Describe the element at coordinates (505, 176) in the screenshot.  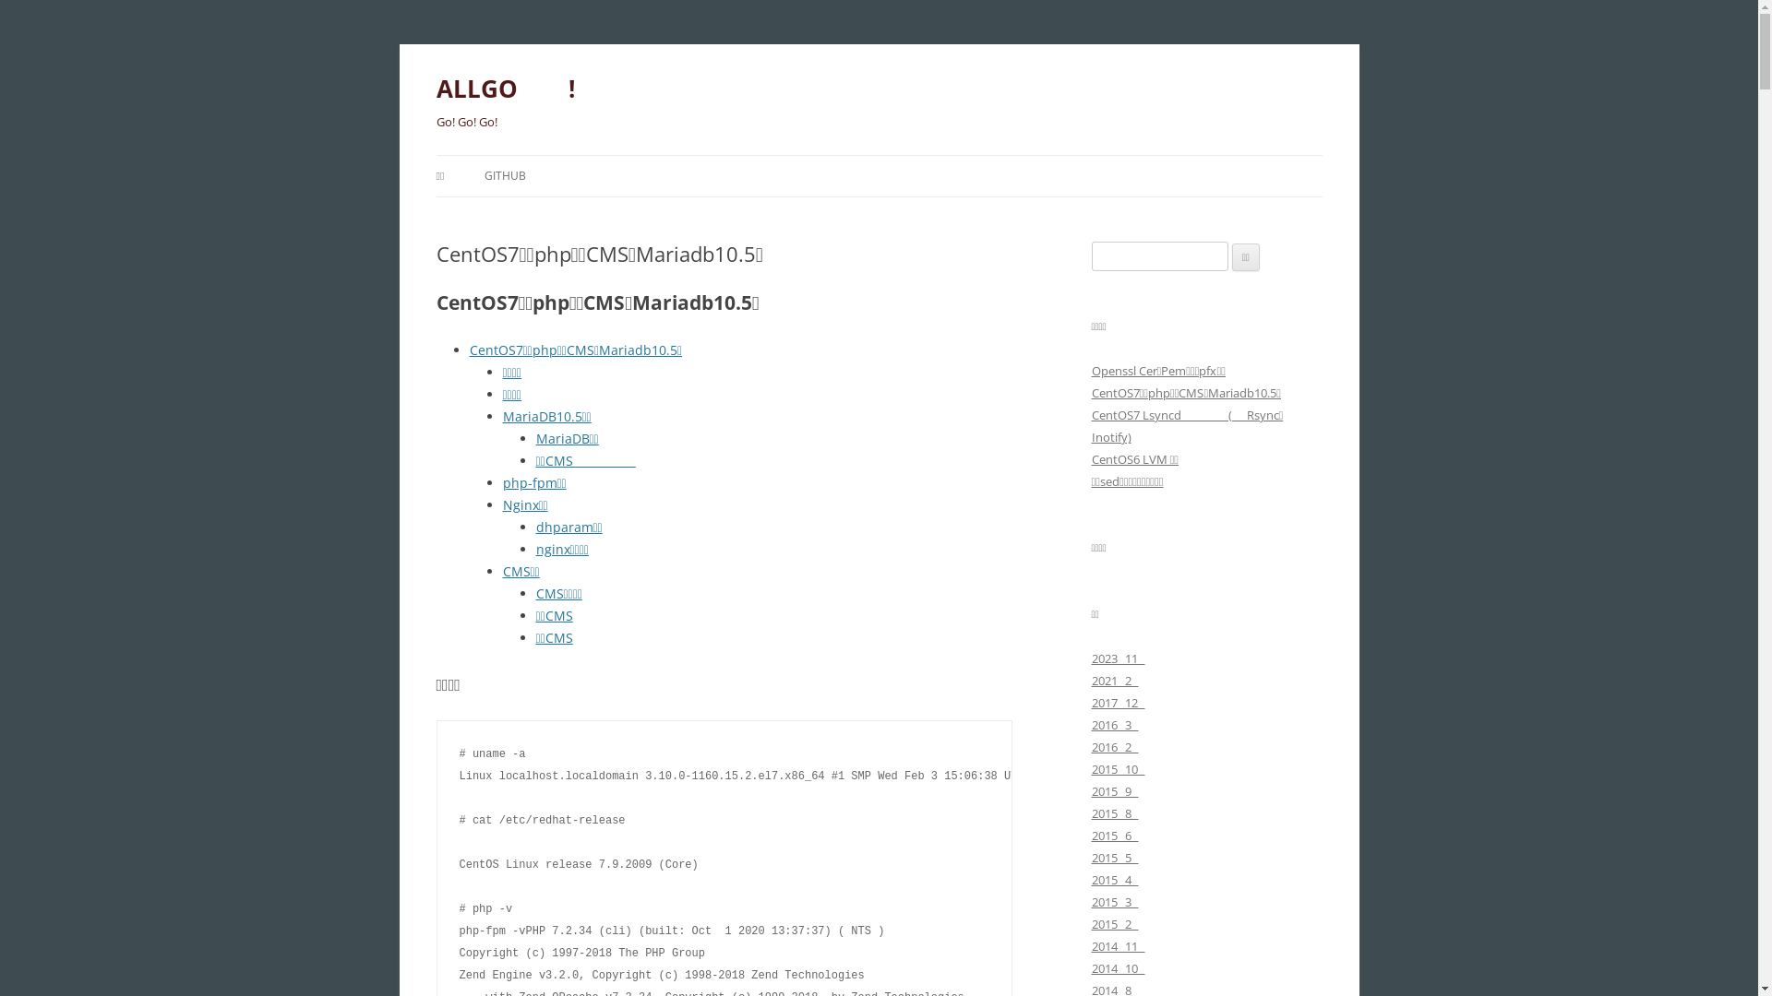
I see `'GITHUB'` at that location.